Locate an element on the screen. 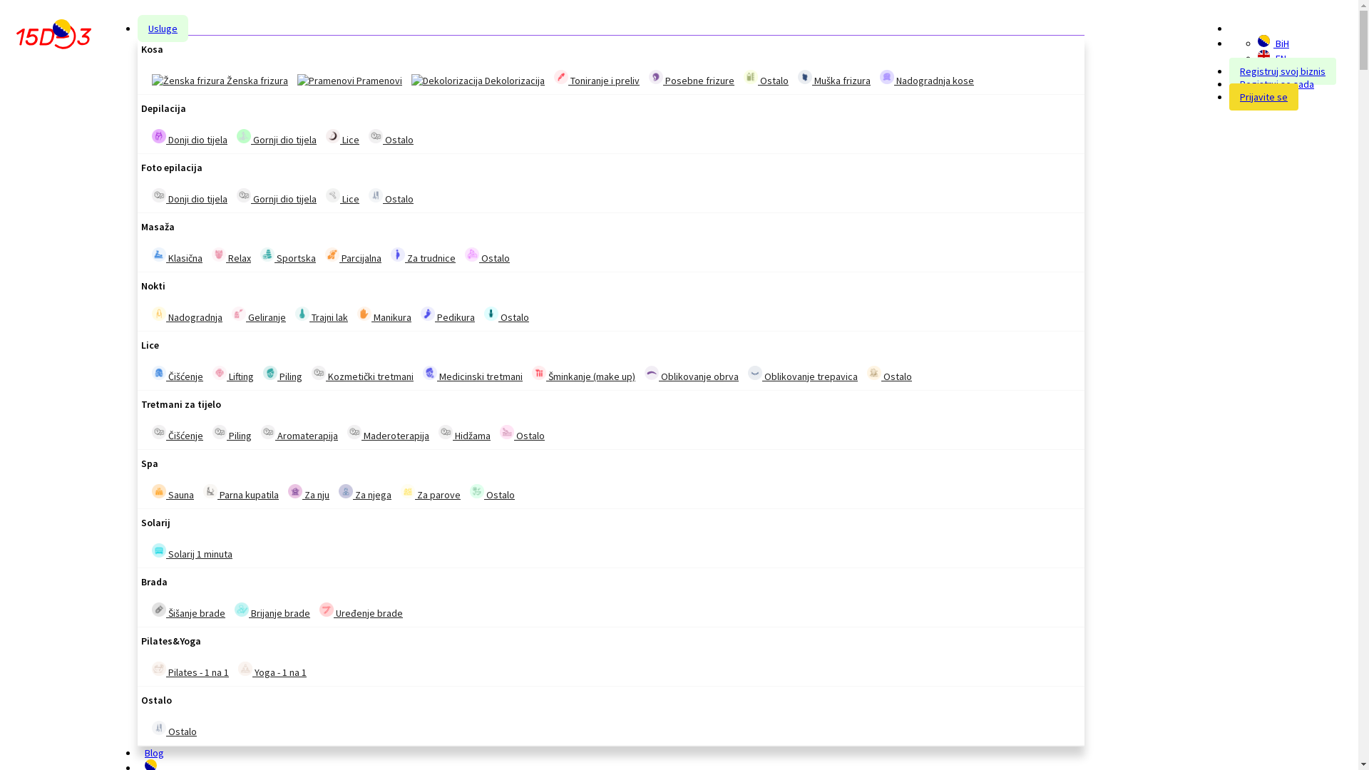 The height and width of the screenshot is (770, 1369). 'Za parove' is located at coordinates (430, 491).